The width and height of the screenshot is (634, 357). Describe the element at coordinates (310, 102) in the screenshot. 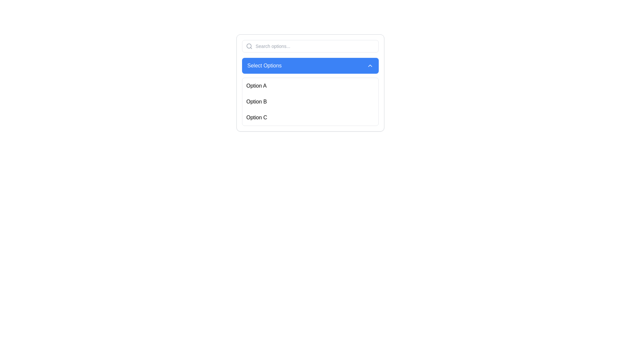

I see `the dropdown menu item labeled 'Option B'` at that location.